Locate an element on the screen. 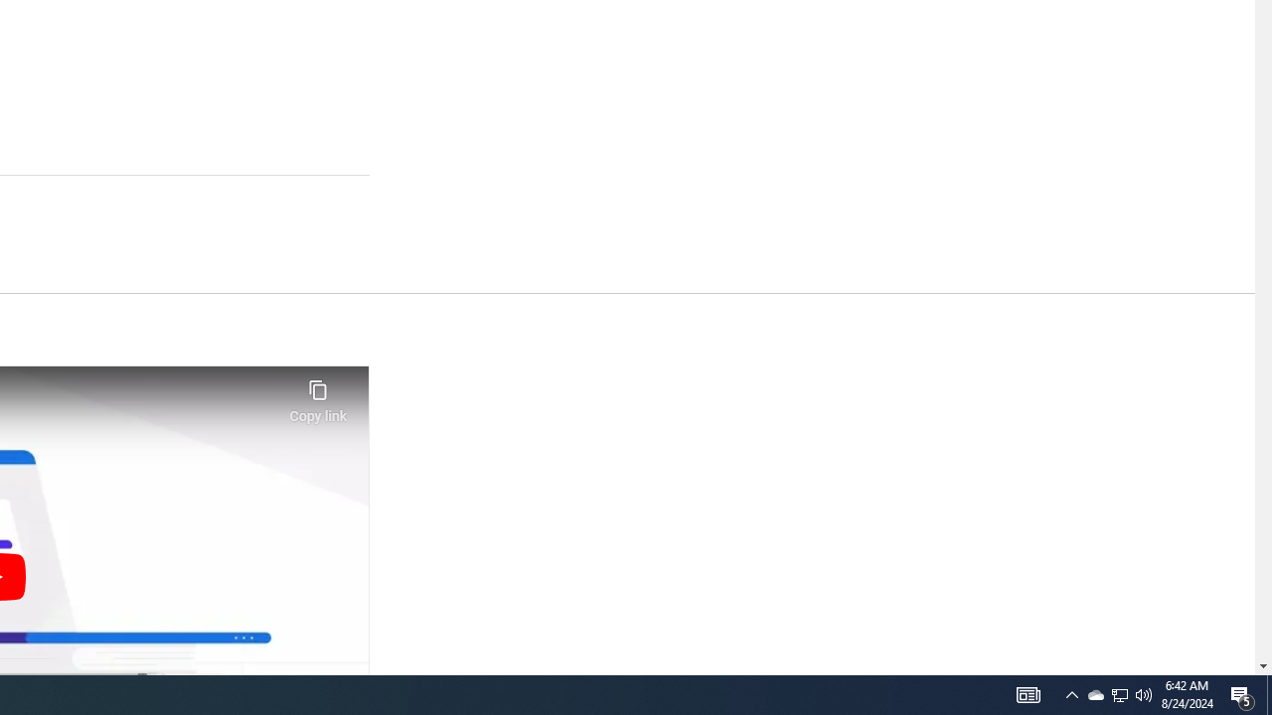 The height and width of the screenshot is (715, 1272). 'Copy link' is located at coordinates (318, 395).